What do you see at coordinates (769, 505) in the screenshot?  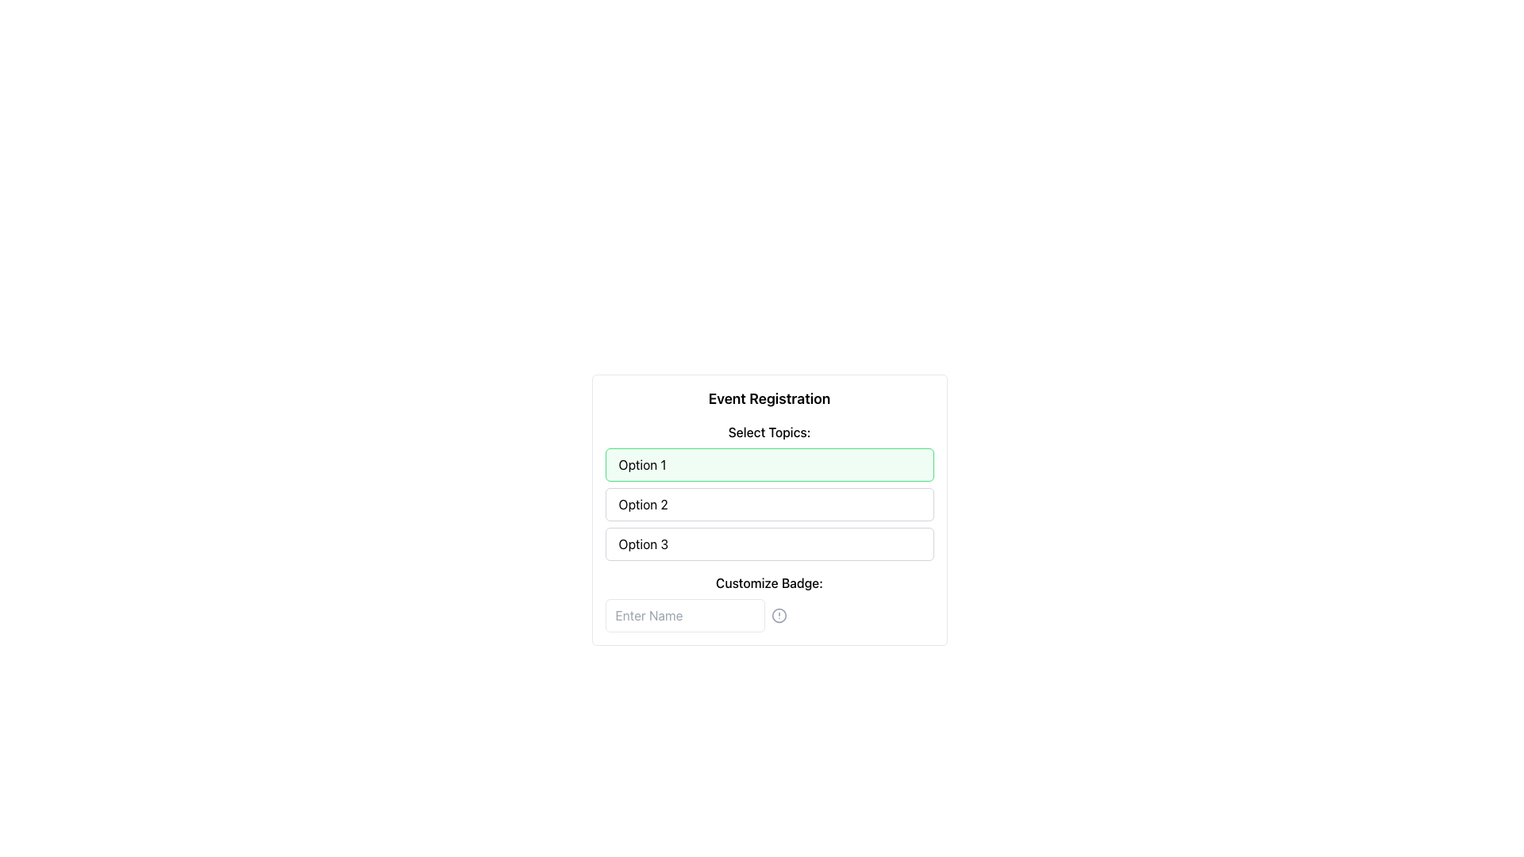 I see `the 'Option 2' button in the 'Select Topics' panel` at bounding box center [769, 505].